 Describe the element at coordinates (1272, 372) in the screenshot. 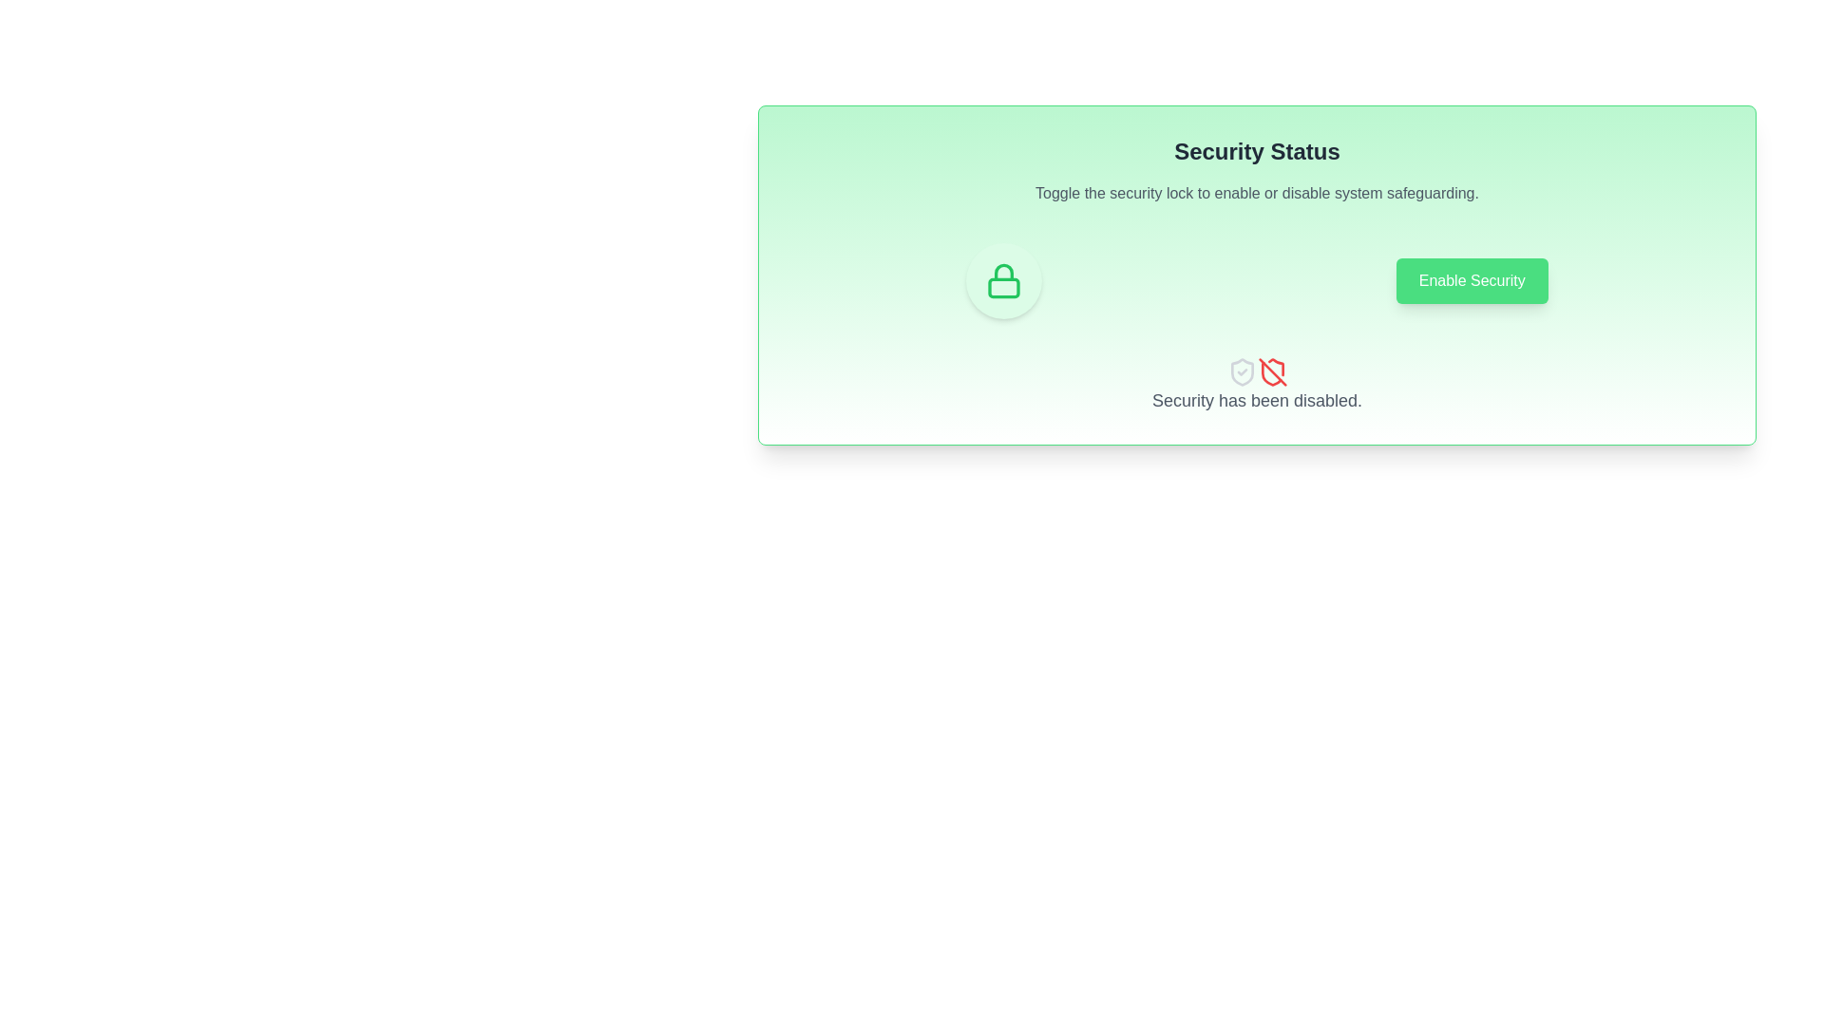

I see `the security status icon that visually represents the condition of security being disabled, located to the right of the gray shield icon with a checkmark, above the descriptive text` at that location.